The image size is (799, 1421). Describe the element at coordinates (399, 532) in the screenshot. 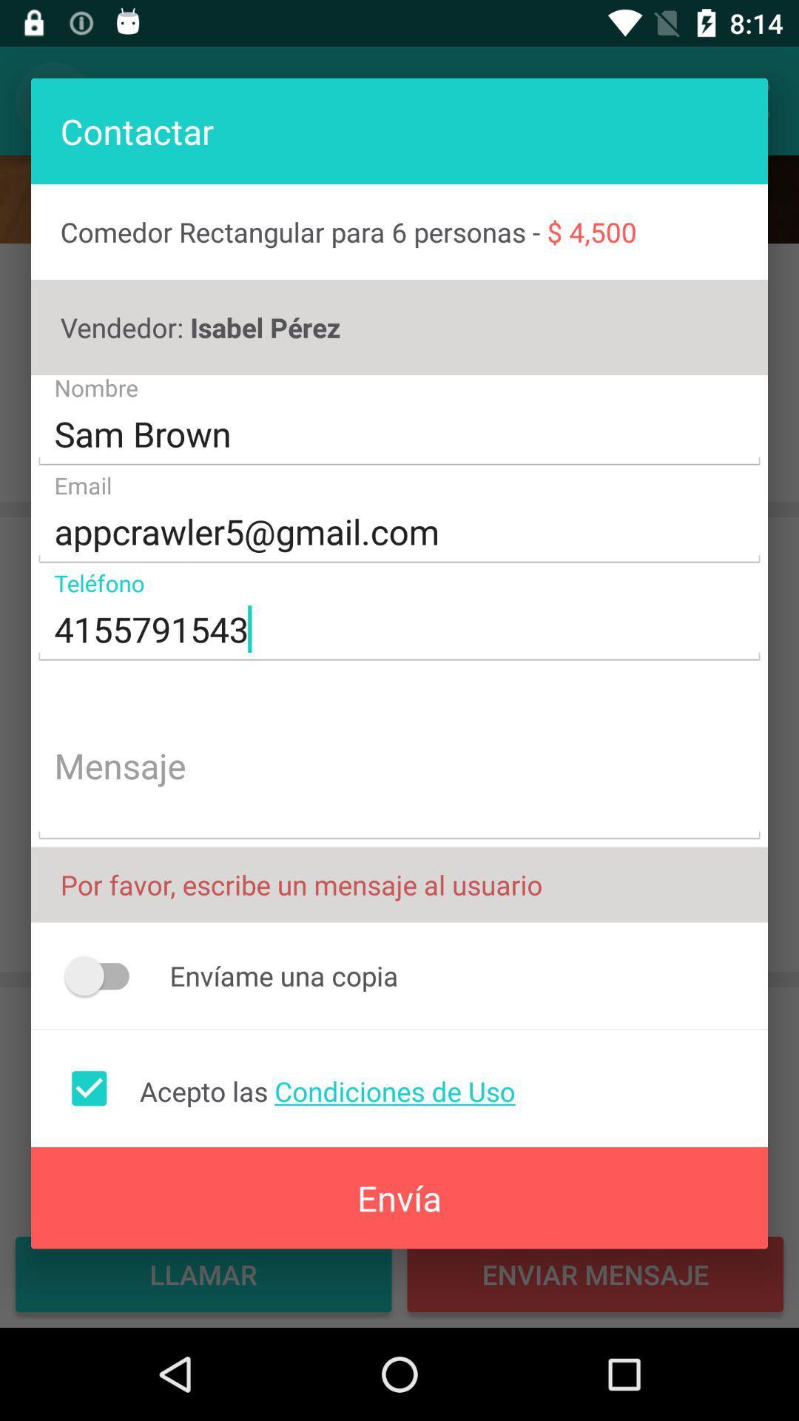

I see `the icon above the 4155791543` at that location.